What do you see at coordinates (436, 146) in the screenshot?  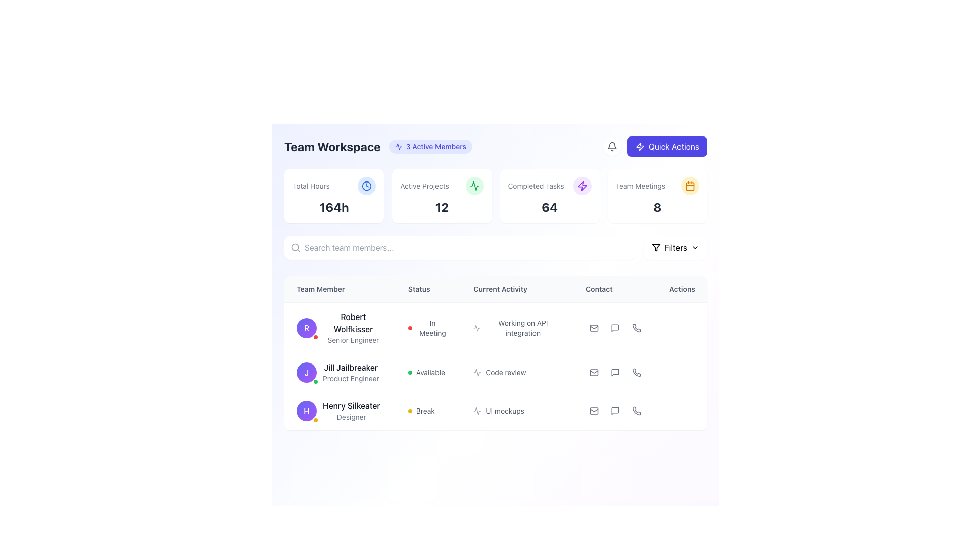 I see `the text label displaying '3 Active Members' which is part of an indigo-highlighted badge near the header 'Team Workspace'` at bounding box center [436, 146].